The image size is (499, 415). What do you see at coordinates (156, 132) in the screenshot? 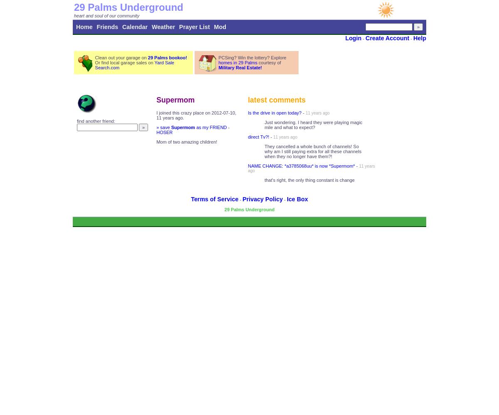
I see `'HOSER'` at bounding box center [156, 132].